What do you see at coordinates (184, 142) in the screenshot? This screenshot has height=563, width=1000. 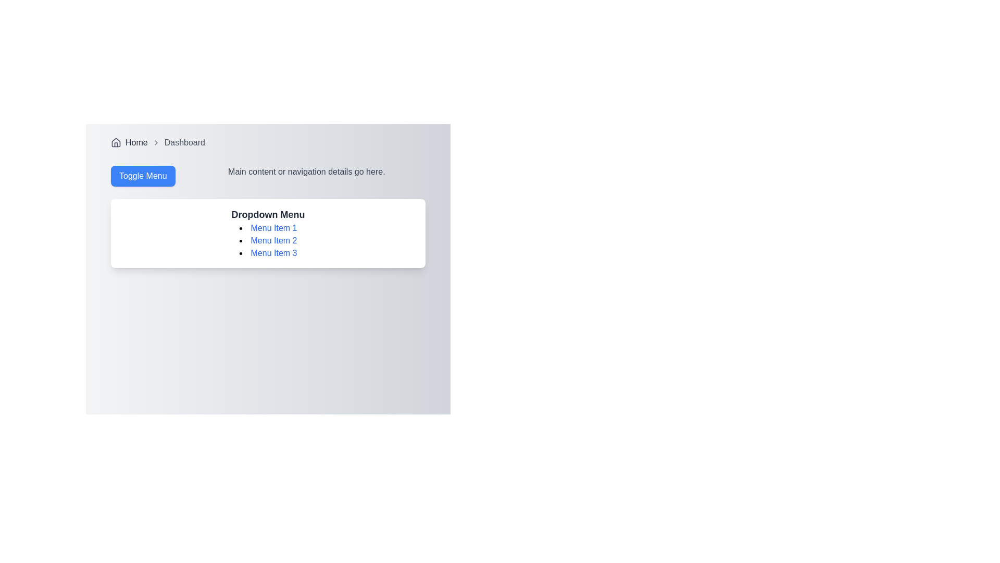 I see `the 'Dashboard' text label, which is part of the breadcrumb navigation bar and follows the 'Home' link and a chevron icon` at bounding box center [184, 142].